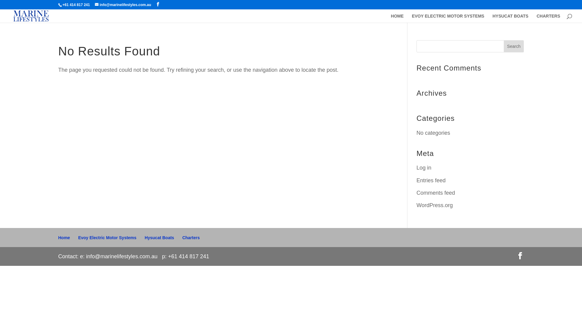 The width and height of the screenshot is (582, 327). What do you see at coordinates (123, 5) in the screenshot?
I see `'info@marinelifestyles.com.au'` at bounding box center [123, 5].